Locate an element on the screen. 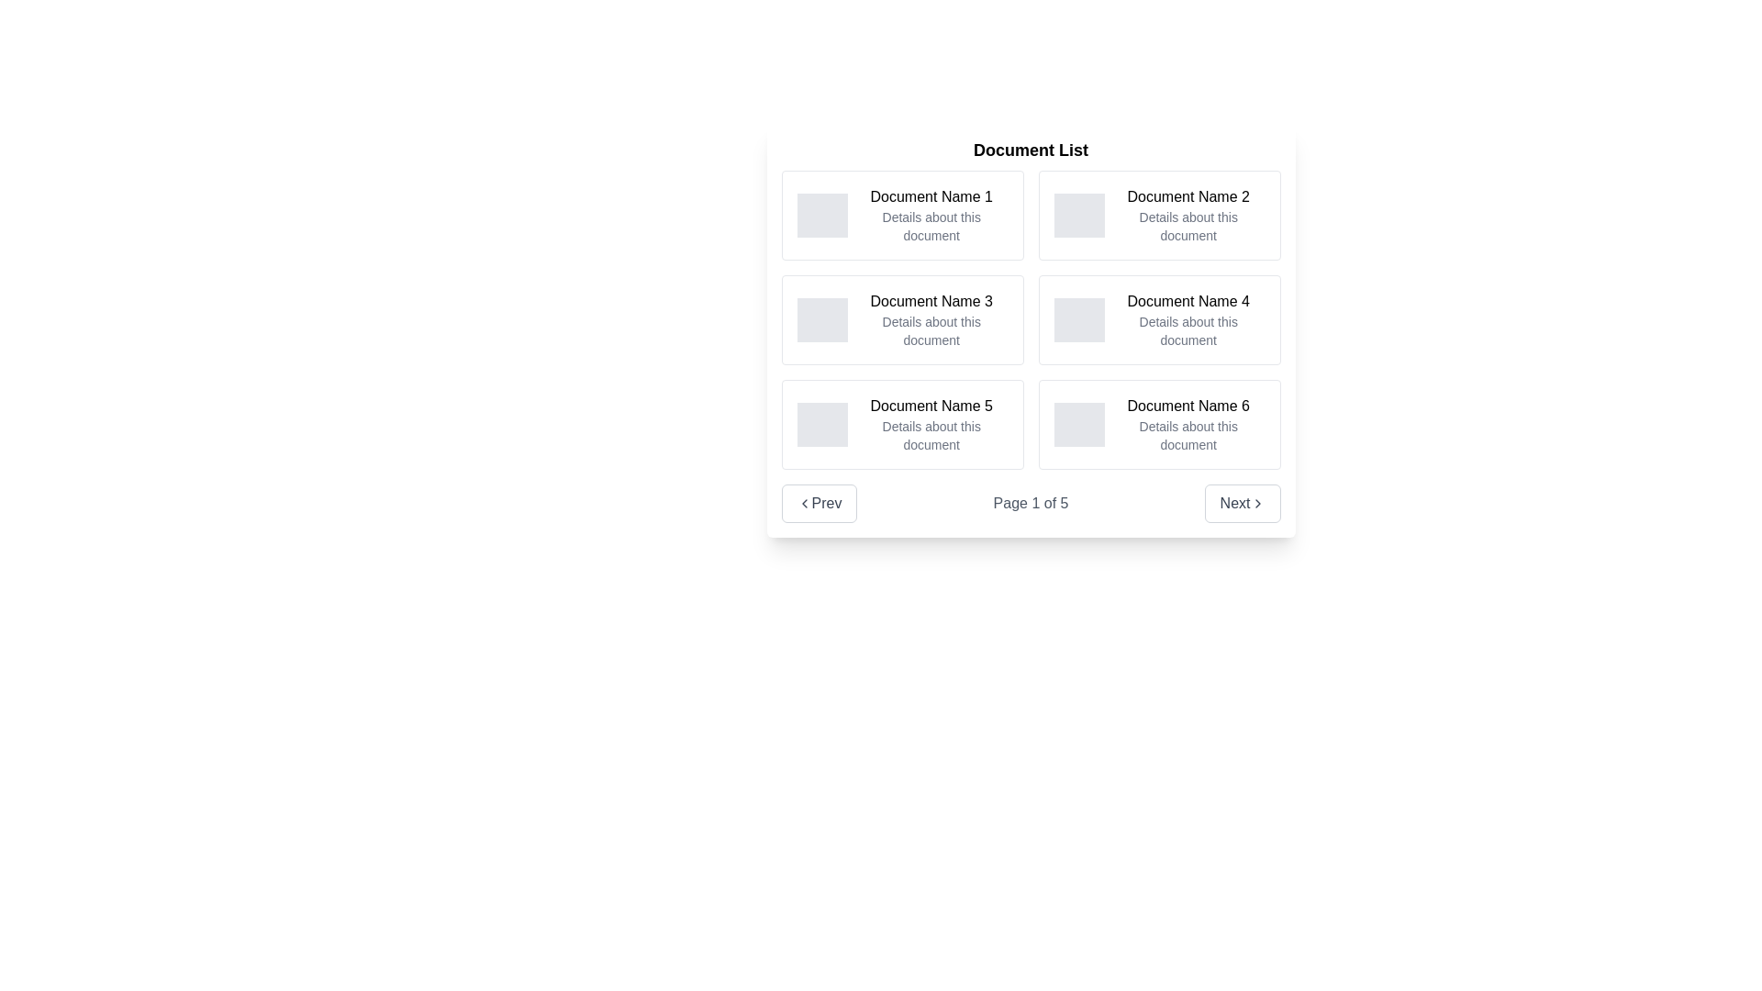  the text label displaying 'Details about this document', which is styled in a small, gray font and located beneath 'Document Name 4' is located at coordinates (1188, 331).